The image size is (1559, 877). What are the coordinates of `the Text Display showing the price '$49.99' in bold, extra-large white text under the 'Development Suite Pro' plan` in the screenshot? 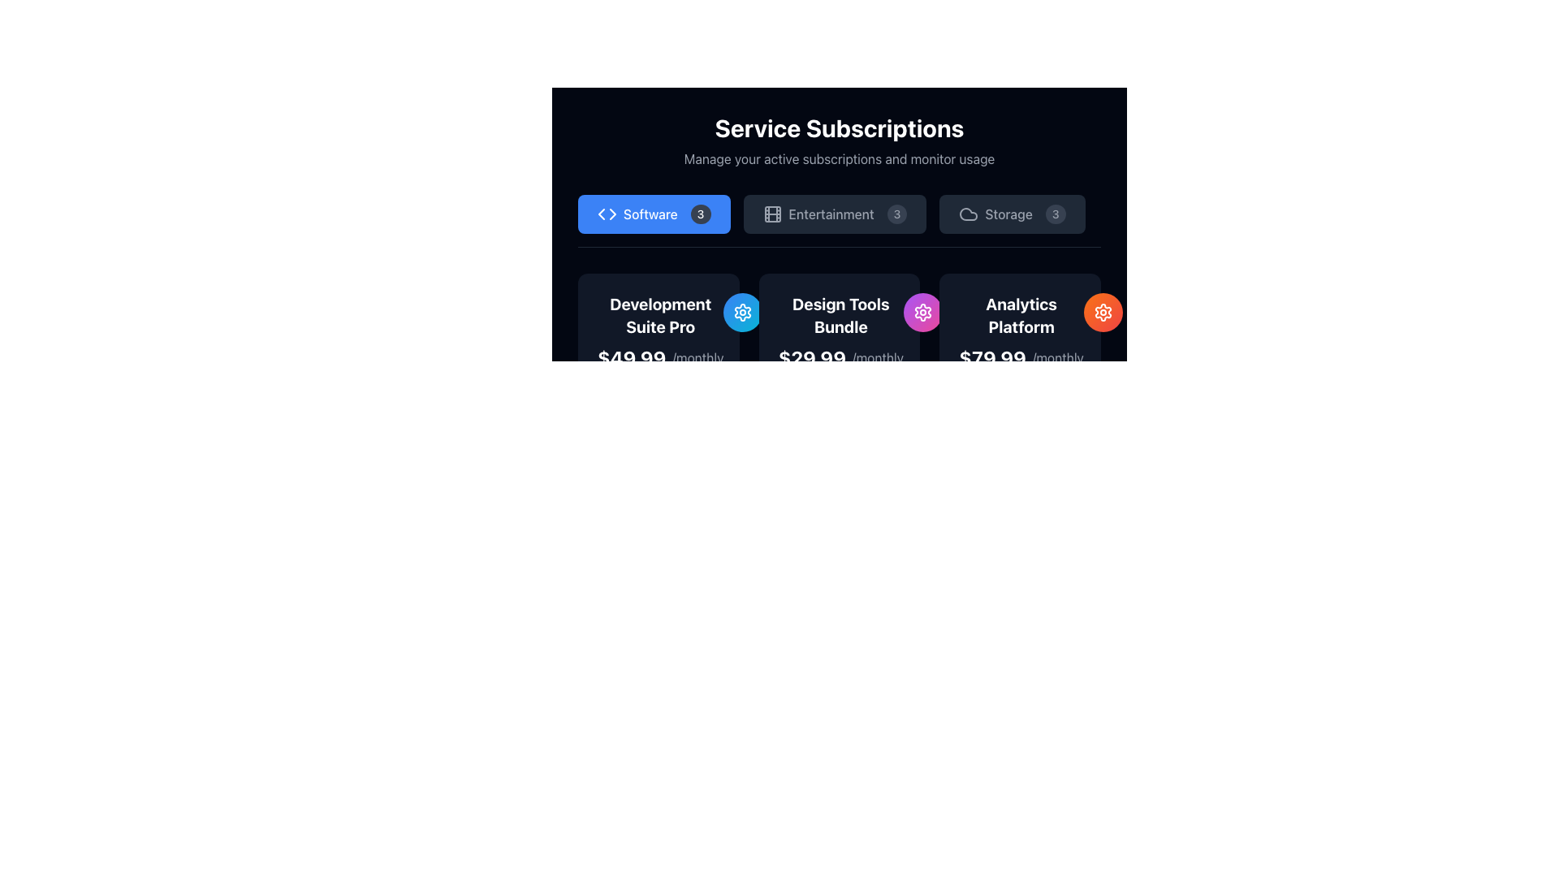 It's located at (631, 356).